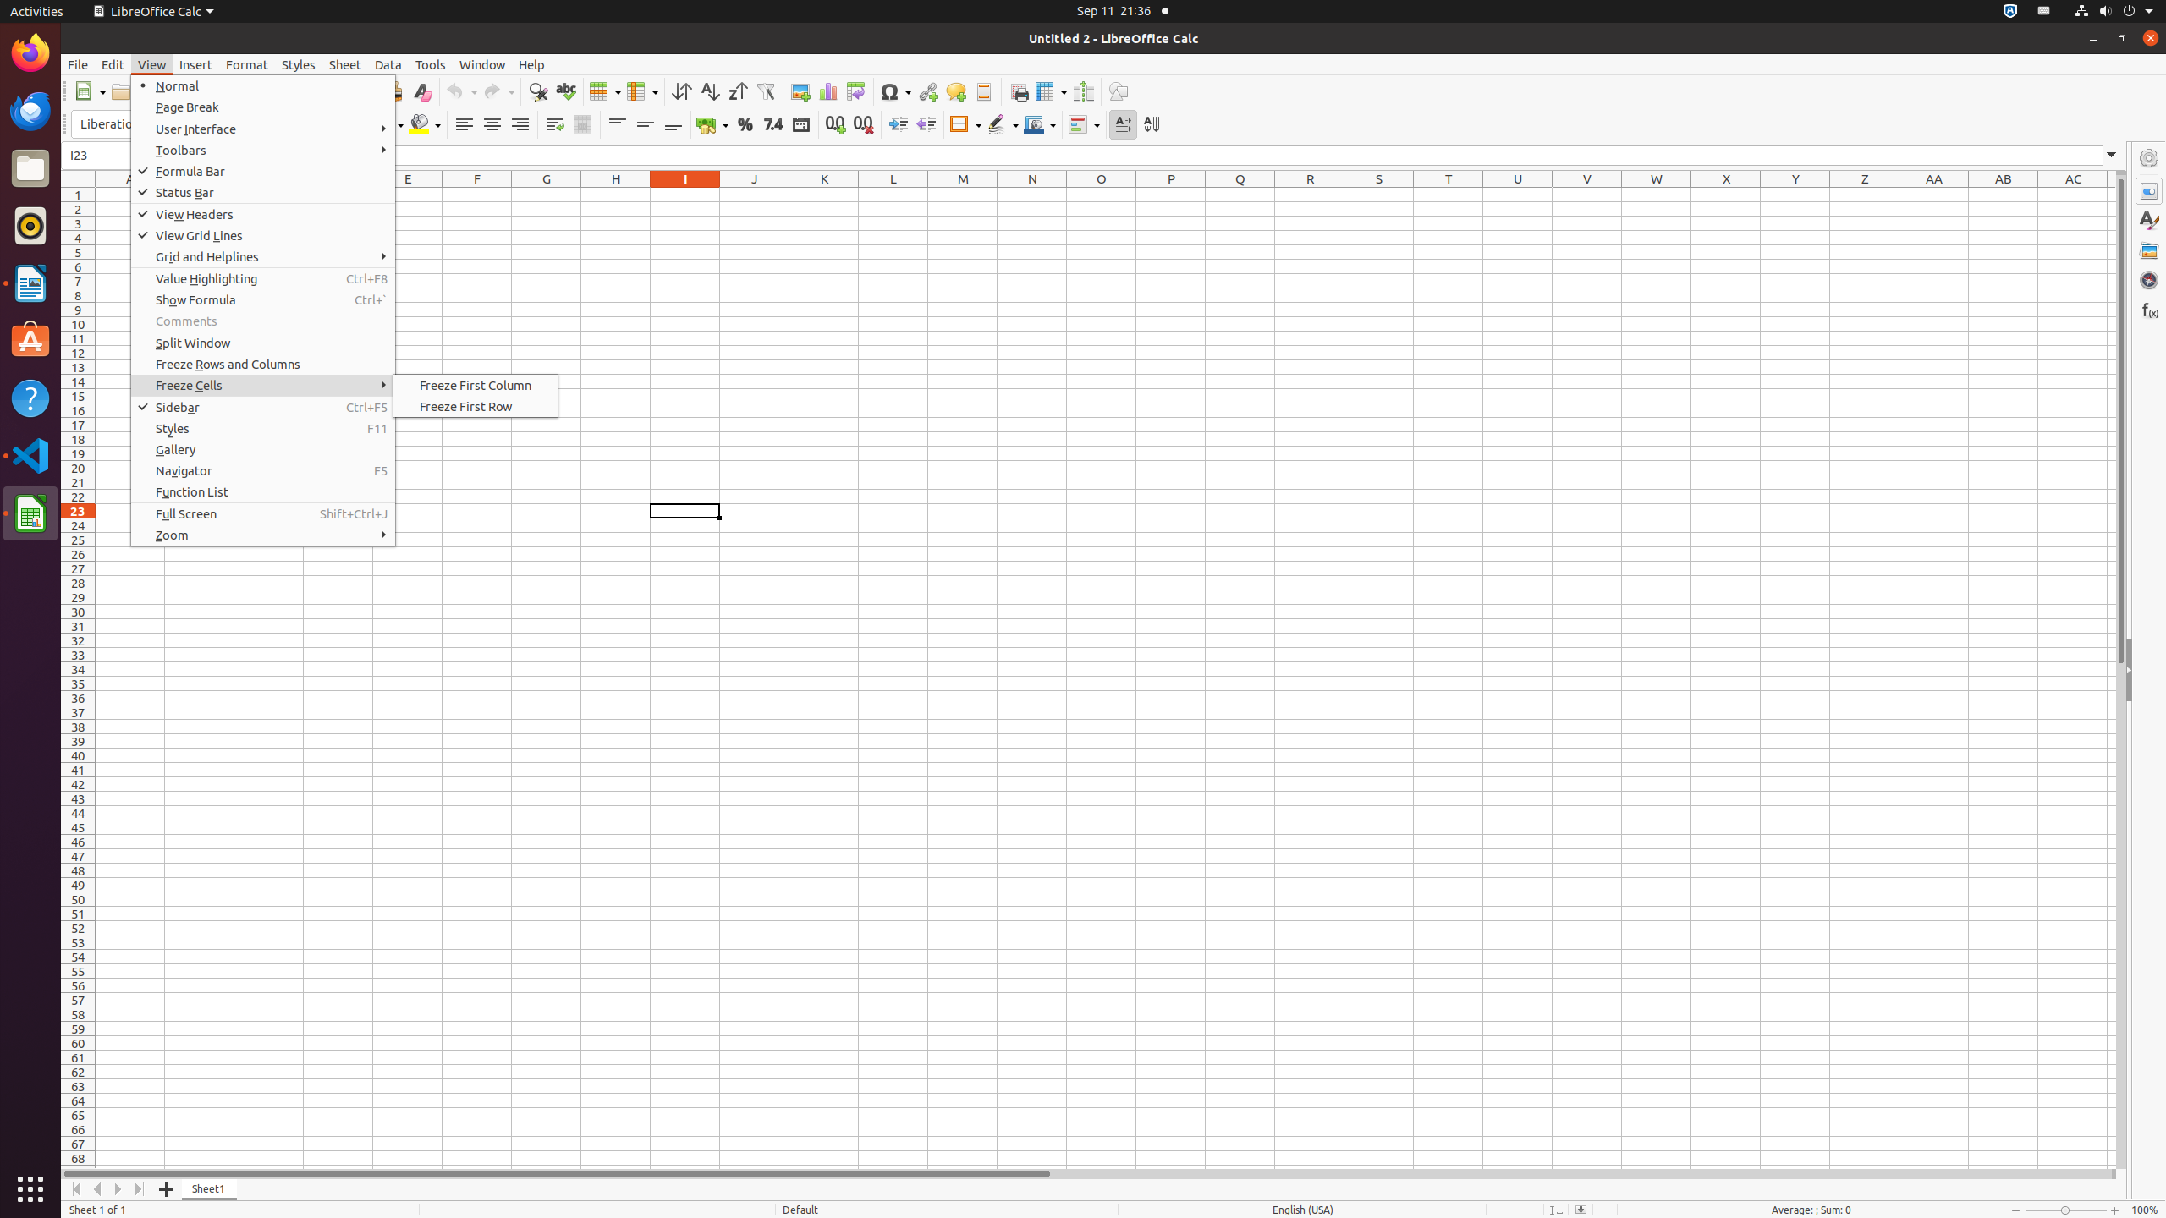 The image size is (2166, 1218). I want to click on 'Background Color', so click(424, 123).